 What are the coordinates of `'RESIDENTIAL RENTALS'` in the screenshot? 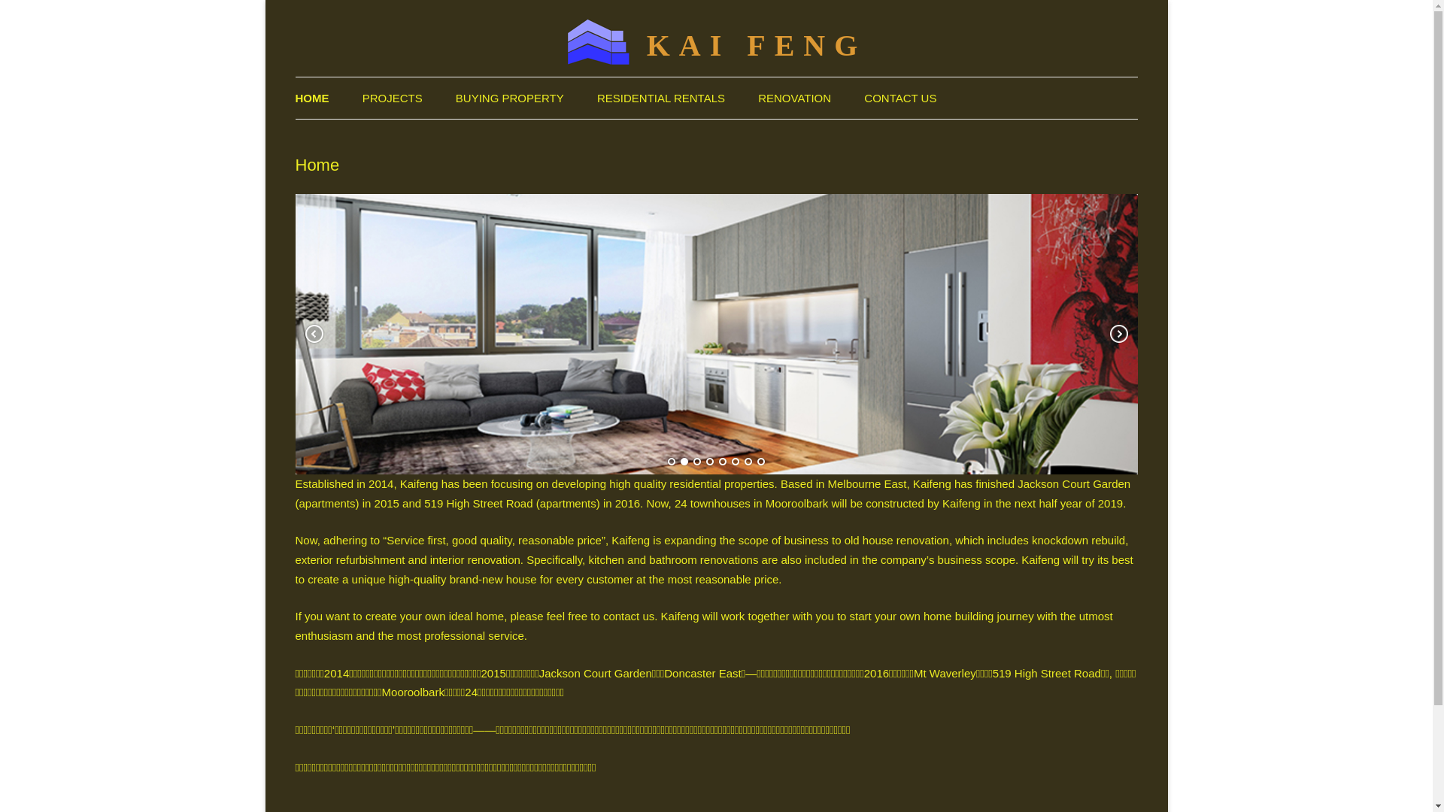 It's located at (660, 98).